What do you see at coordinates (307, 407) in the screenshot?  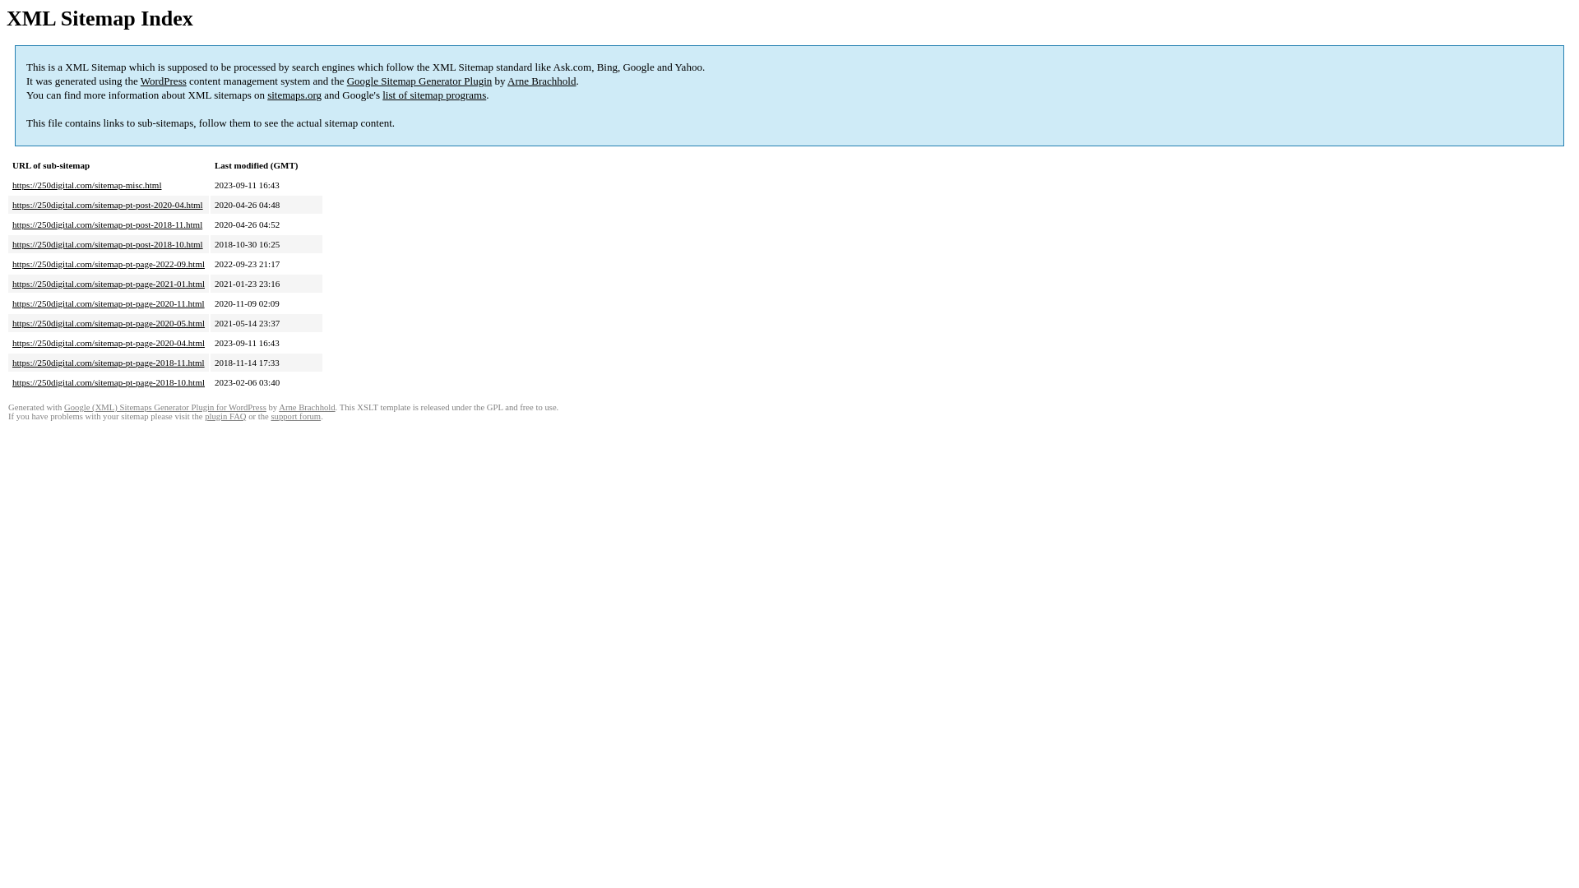 I see `'Arne Brachhold'` at bounding box center [307, 407].